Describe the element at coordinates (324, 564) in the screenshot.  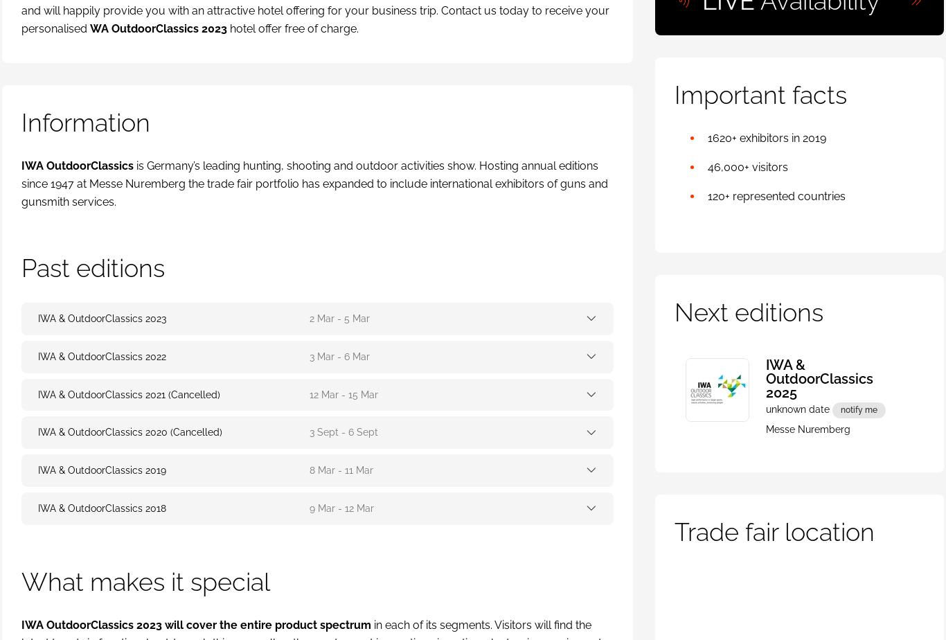
I see `'is a registered trademark of Expo Travel Group'` at that location.